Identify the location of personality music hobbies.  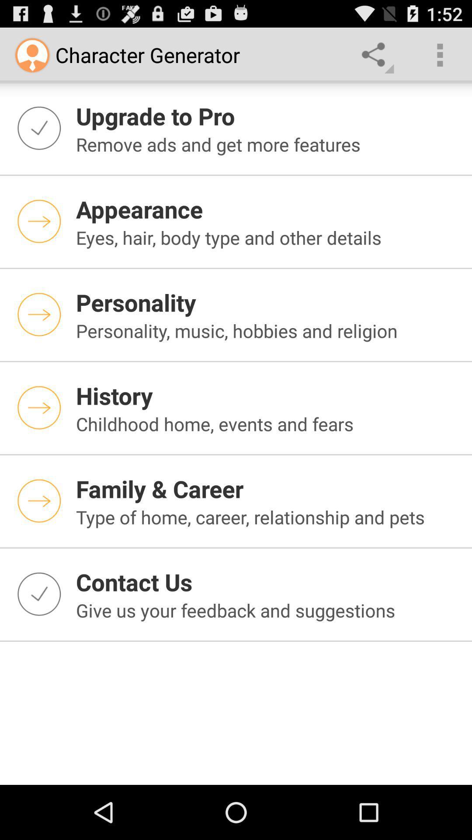
(268, 330).